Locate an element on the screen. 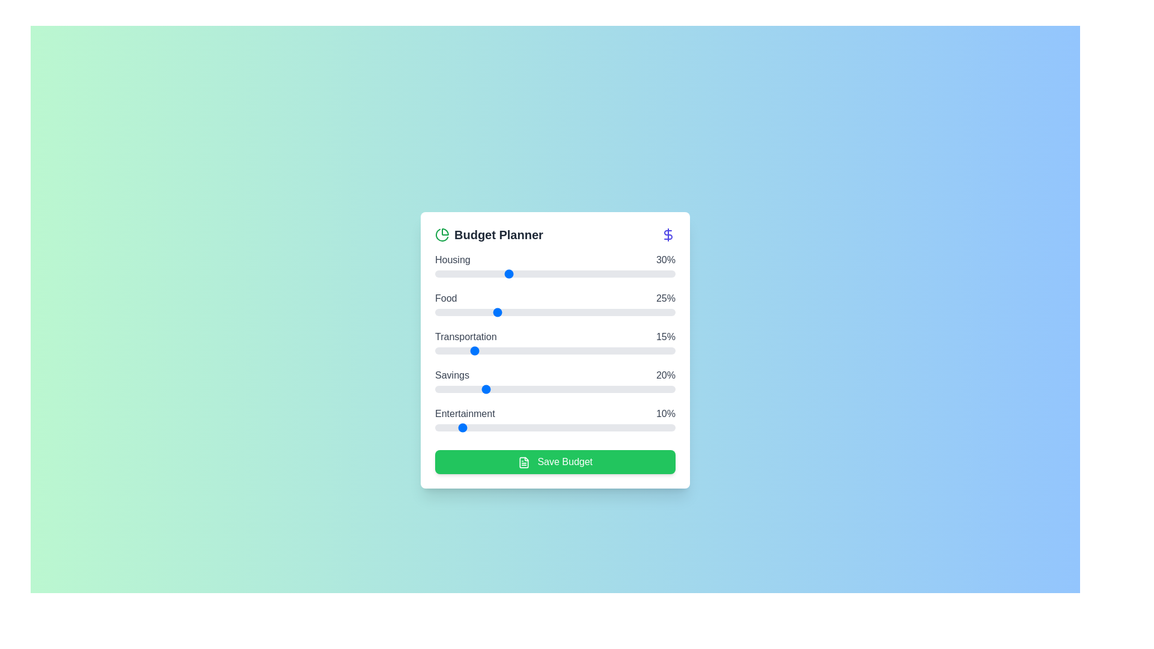 Image resolution: width=1154 pixels, height=649 pixels. the slider for 'Entertainment' to set its percentage to 92 is located at coordinates (655, 427).